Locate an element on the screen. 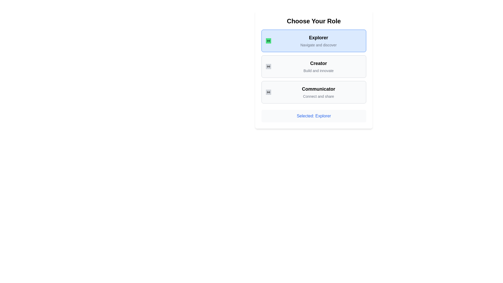 This screenshot has height=283, width=503. the 'Creator' button, which is a rectangular component with a light gray background, bold text 'Creator', and an icon resembling radio waves on the left side is located at coordinates (314, 66).